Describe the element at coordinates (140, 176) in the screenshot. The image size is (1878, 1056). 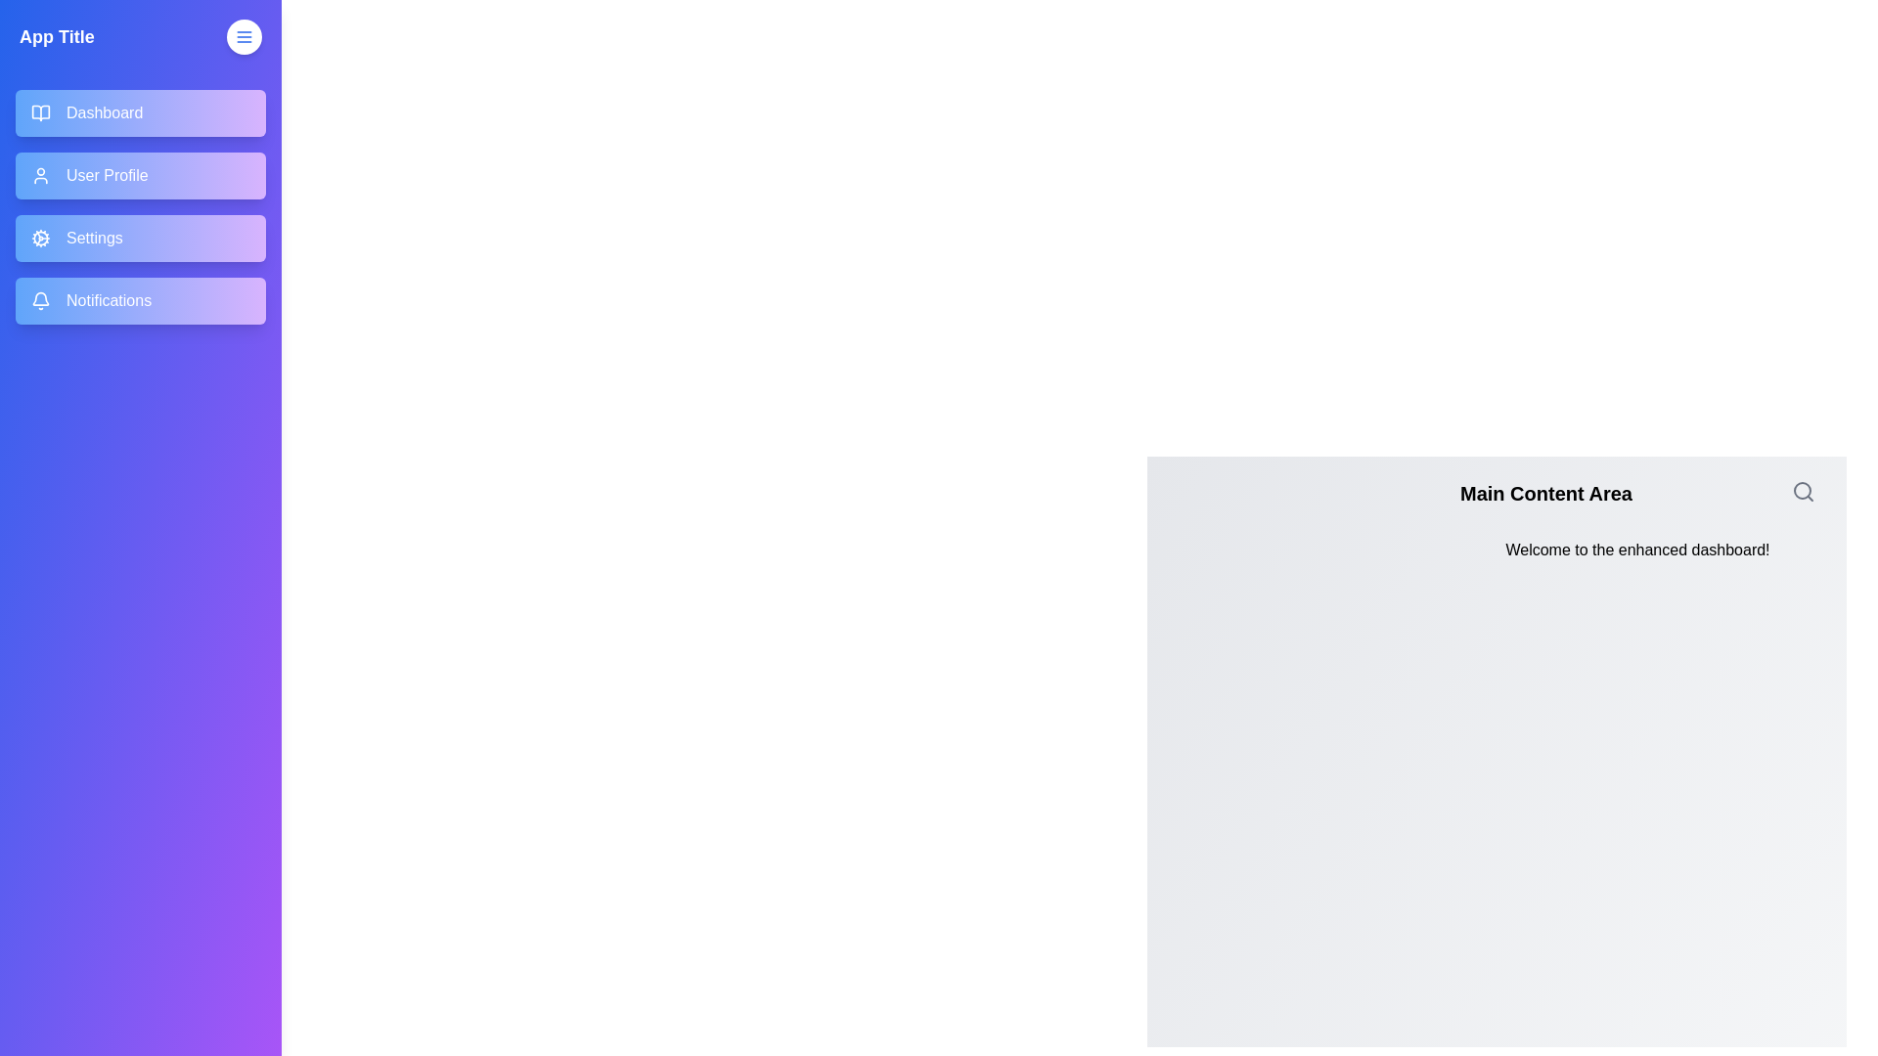
I see `the menu item User Profile in the drawer` at that location.